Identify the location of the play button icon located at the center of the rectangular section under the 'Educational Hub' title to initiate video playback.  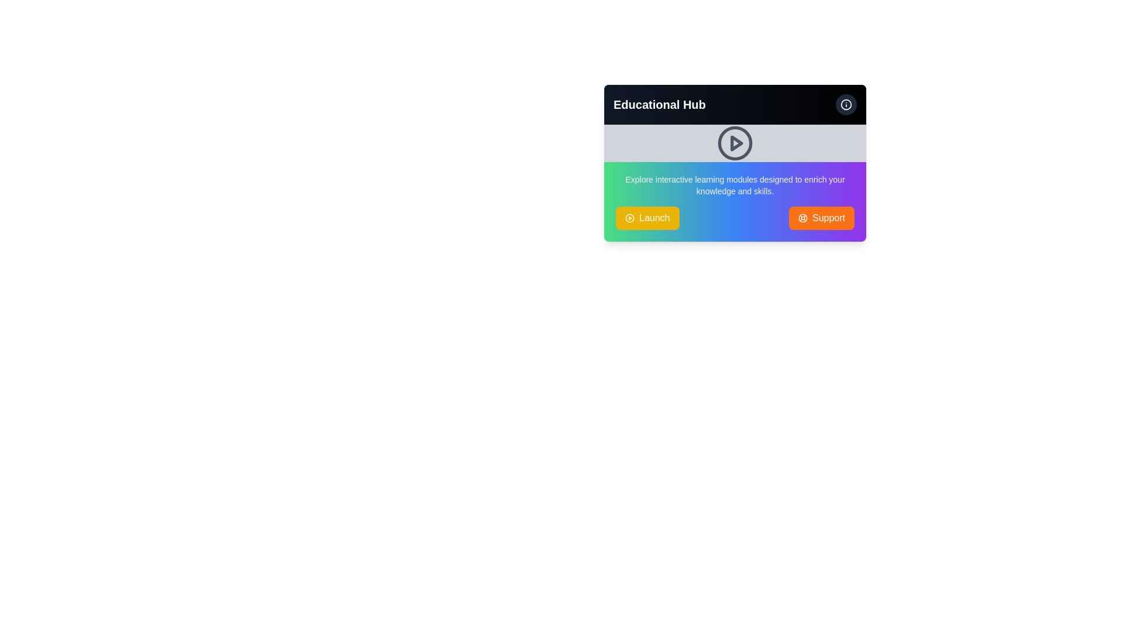
(735, 143).